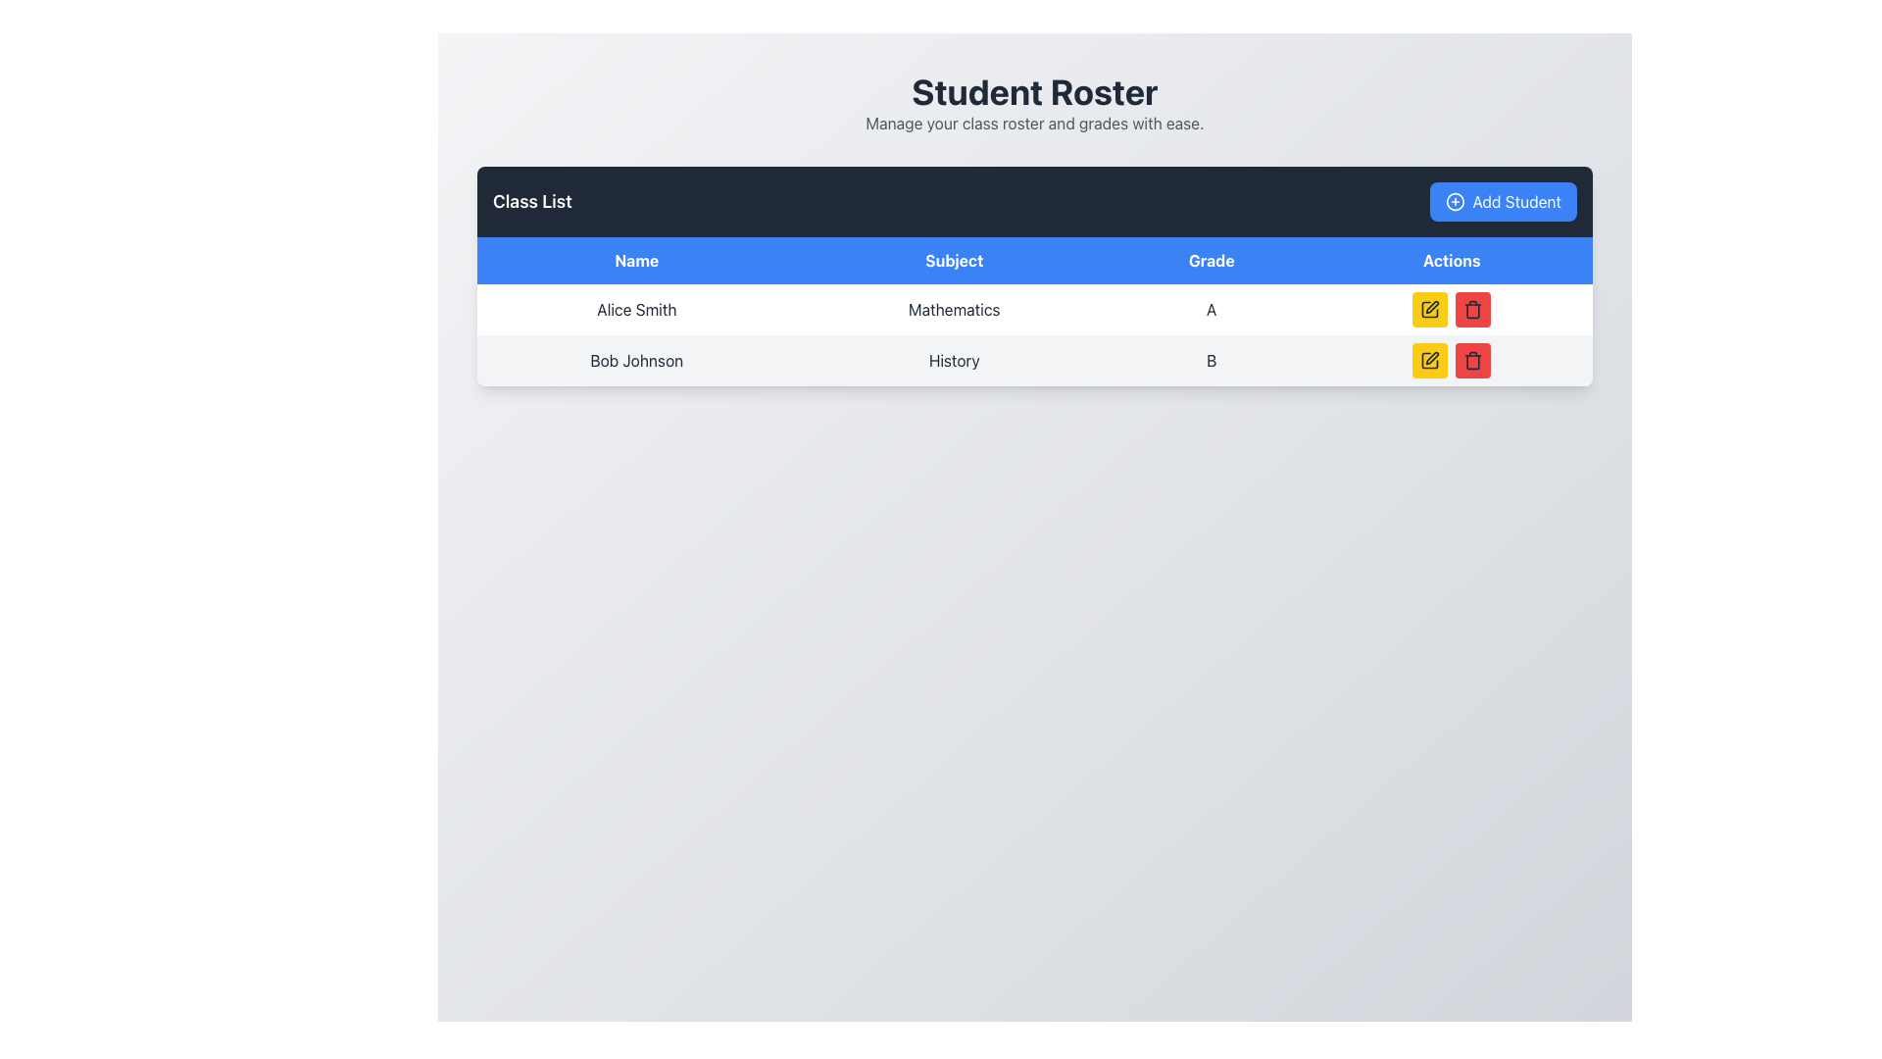  I want to click on text 'Grade' from the header of the 'Grade' column, which is the third header item in the table layout, positioned between the 'Subject' and 'Actions' headers, so click(1211, 260).